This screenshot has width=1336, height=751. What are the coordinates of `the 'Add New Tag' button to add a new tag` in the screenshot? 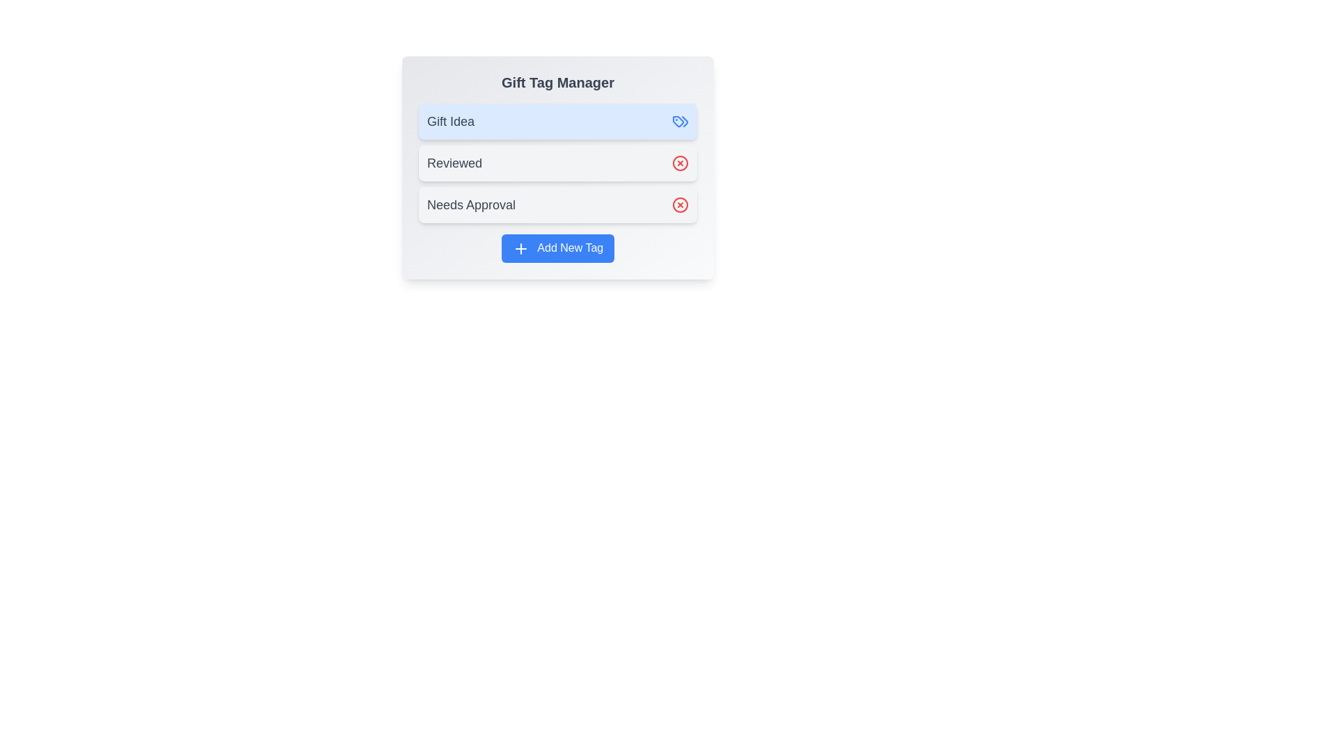 It's located at (557, 248).